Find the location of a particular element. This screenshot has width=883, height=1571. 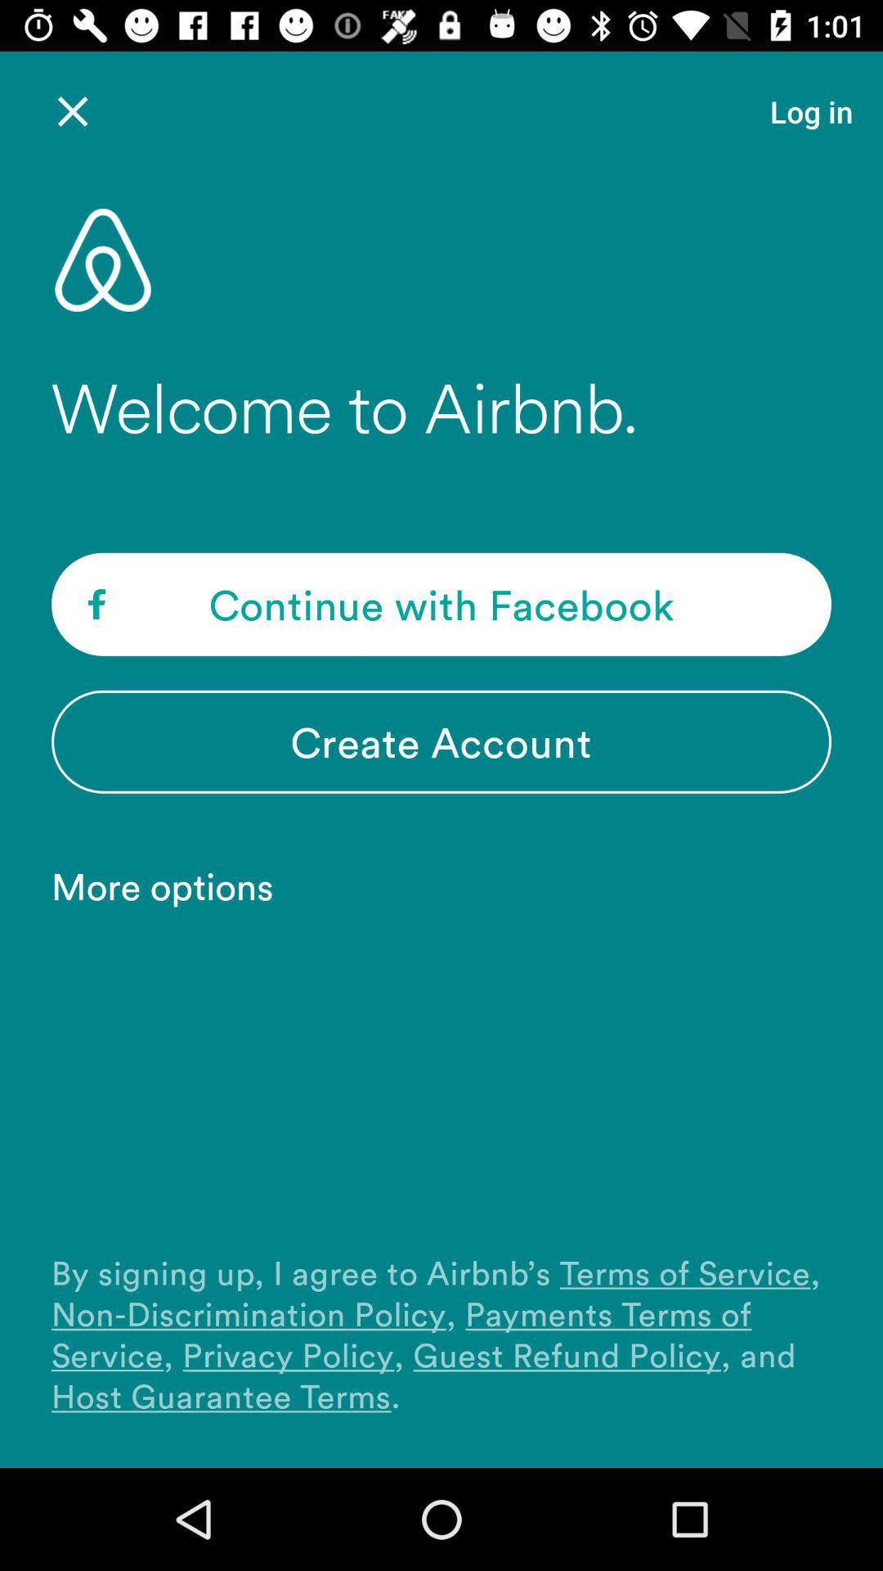

the create account item is located at coordinates (441, 740).